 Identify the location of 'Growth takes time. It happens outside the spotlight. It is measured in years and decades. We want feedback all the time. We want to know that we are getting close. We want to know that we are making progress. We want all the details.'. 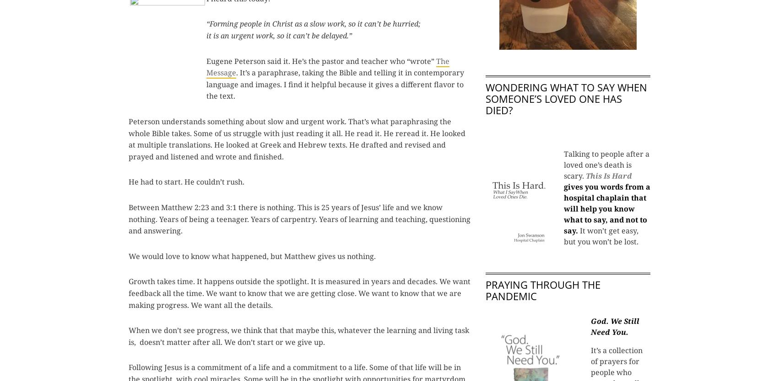
(299, 292).